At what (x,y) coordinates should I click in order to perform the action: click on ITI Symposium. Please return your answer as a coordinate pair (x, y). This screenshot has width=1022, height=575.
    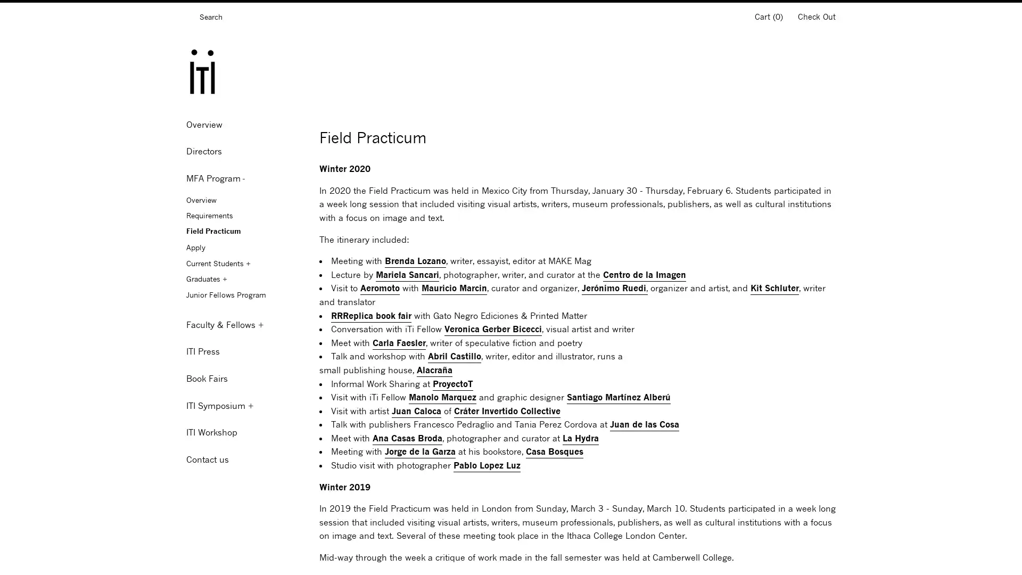
    Looking at the image, I should click on (244, 406).